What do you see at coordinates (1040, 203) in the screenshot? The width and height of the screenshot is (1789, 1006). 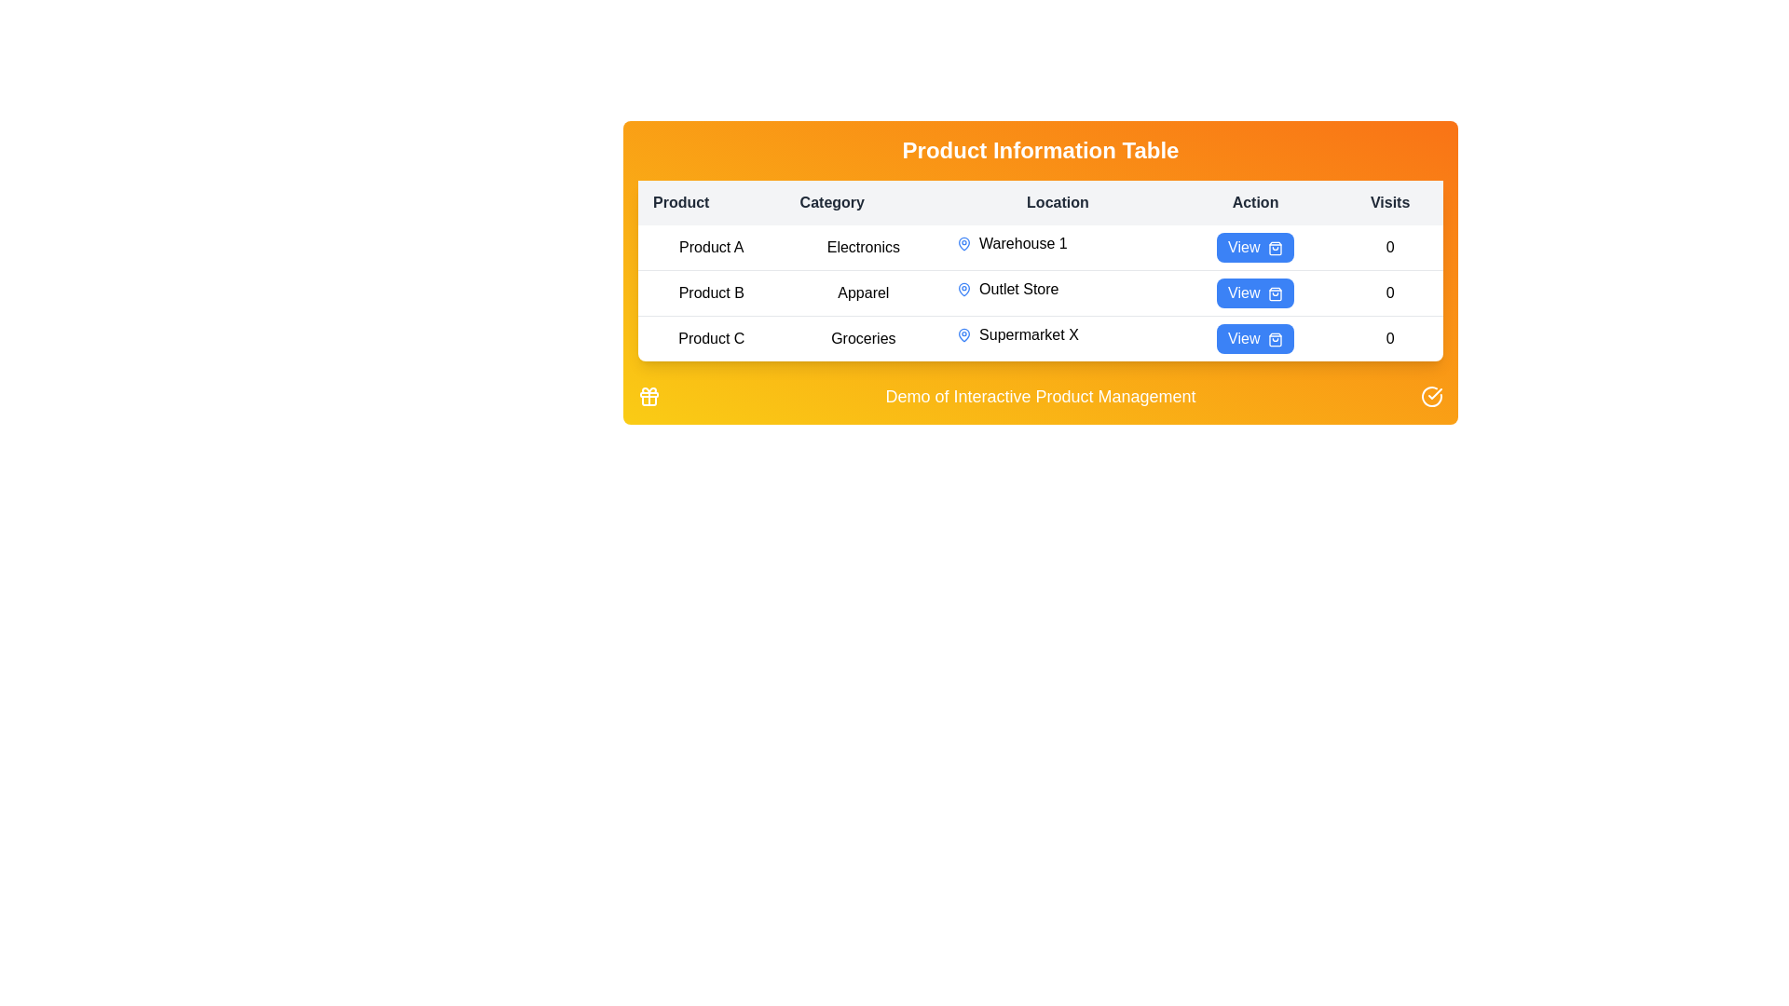 I see `the Table Header Row of the Product Information Table, which contains the column headers for 'Product', 'Category', 'Location', 'Action', and 'Visits'` at bounding box center [1040, 203].